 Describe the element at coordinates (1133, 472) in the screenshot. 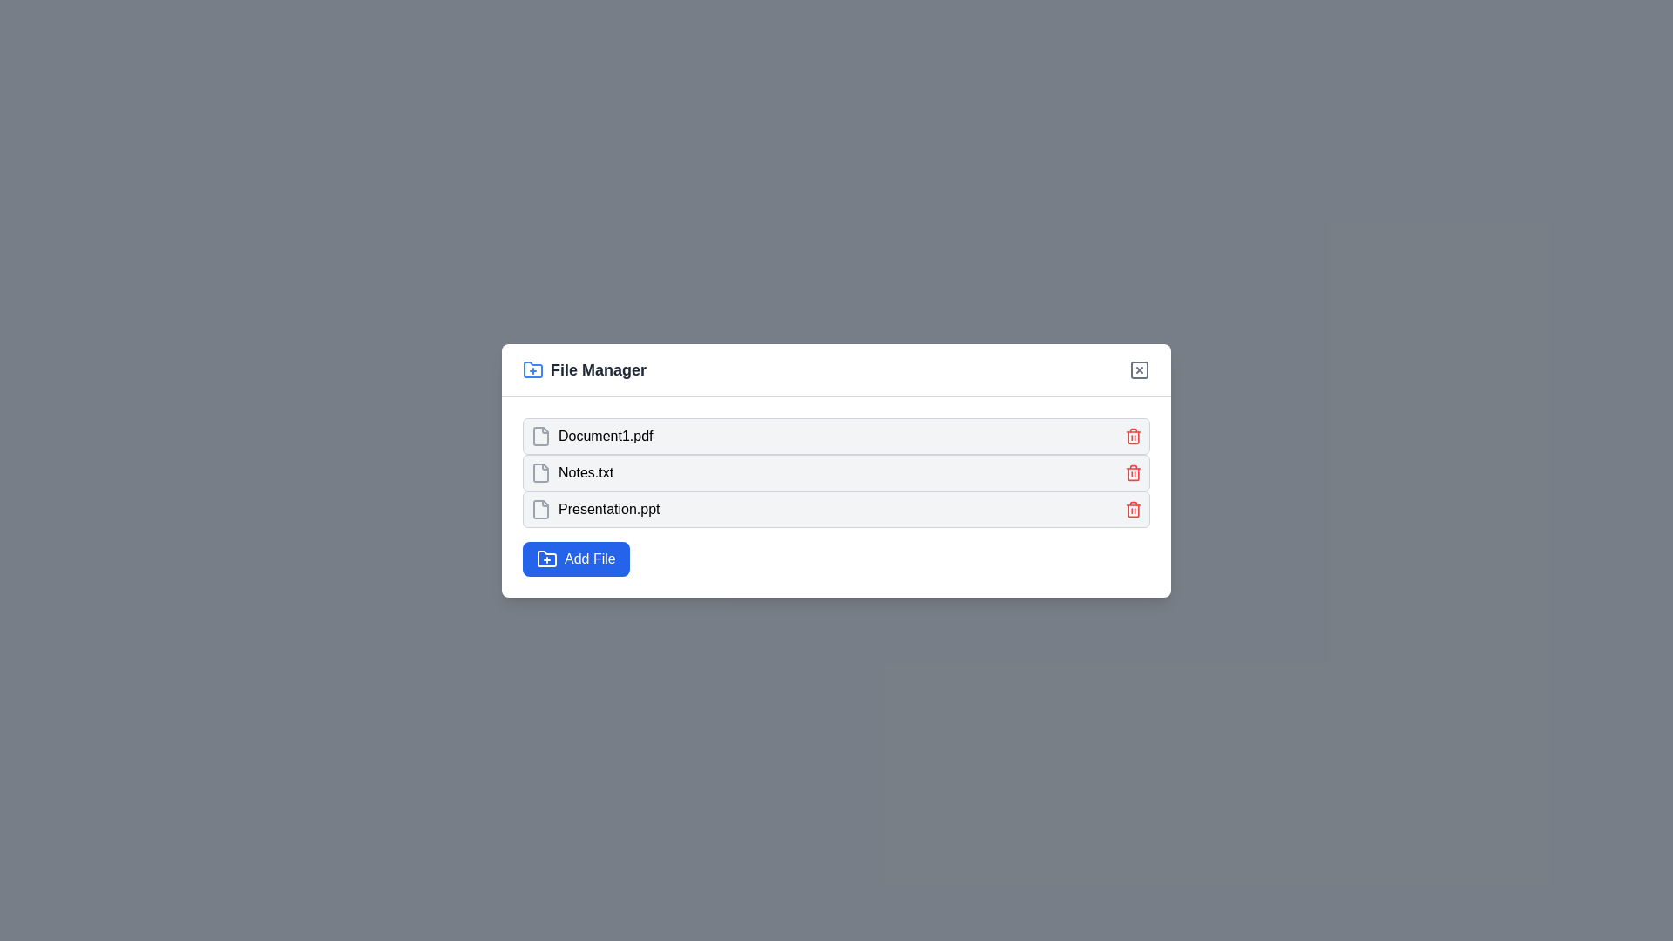

I see `the delete button for the file 'Notes.txt' located in the top-right corner of its row` at that location.